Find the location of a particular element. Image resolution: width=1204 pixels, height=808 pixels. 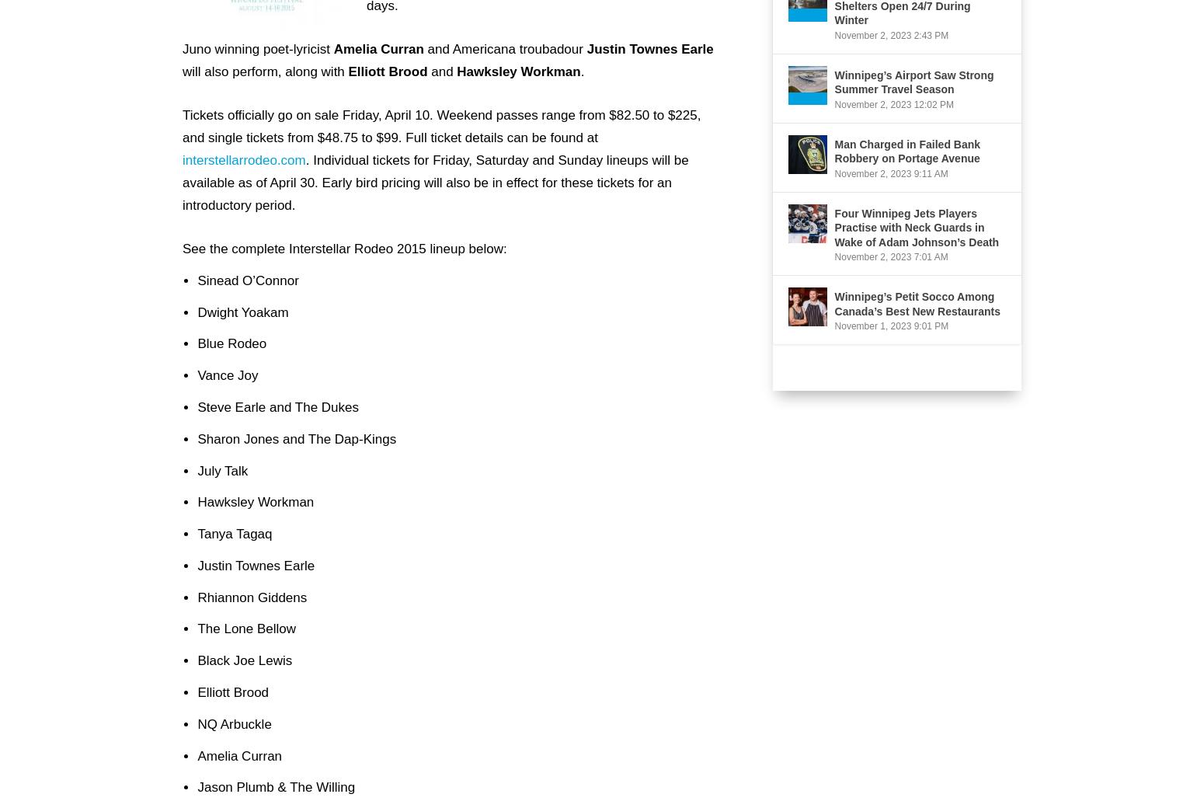

'Man Charged in Failed Bank Robbery on Portage Avenue' is located at coordinates (906, 150).